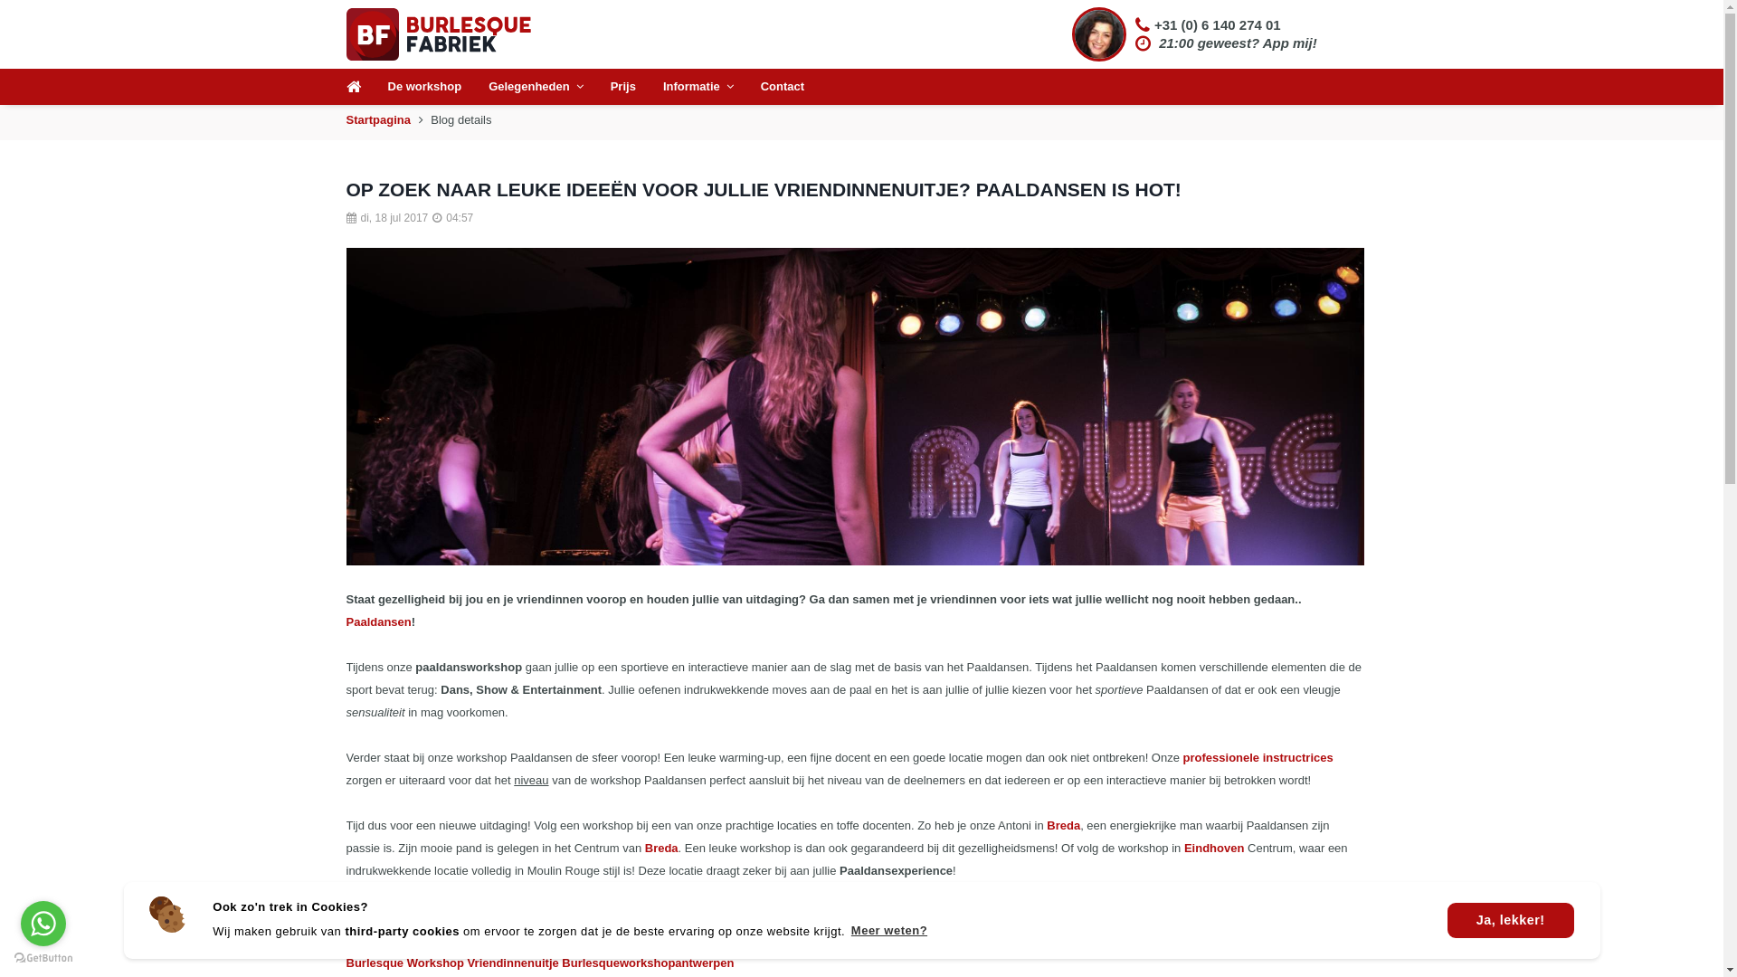 This screenshot has width=1737, height=977. I want to click on 'professionele instructrices', so click(1258, 757).